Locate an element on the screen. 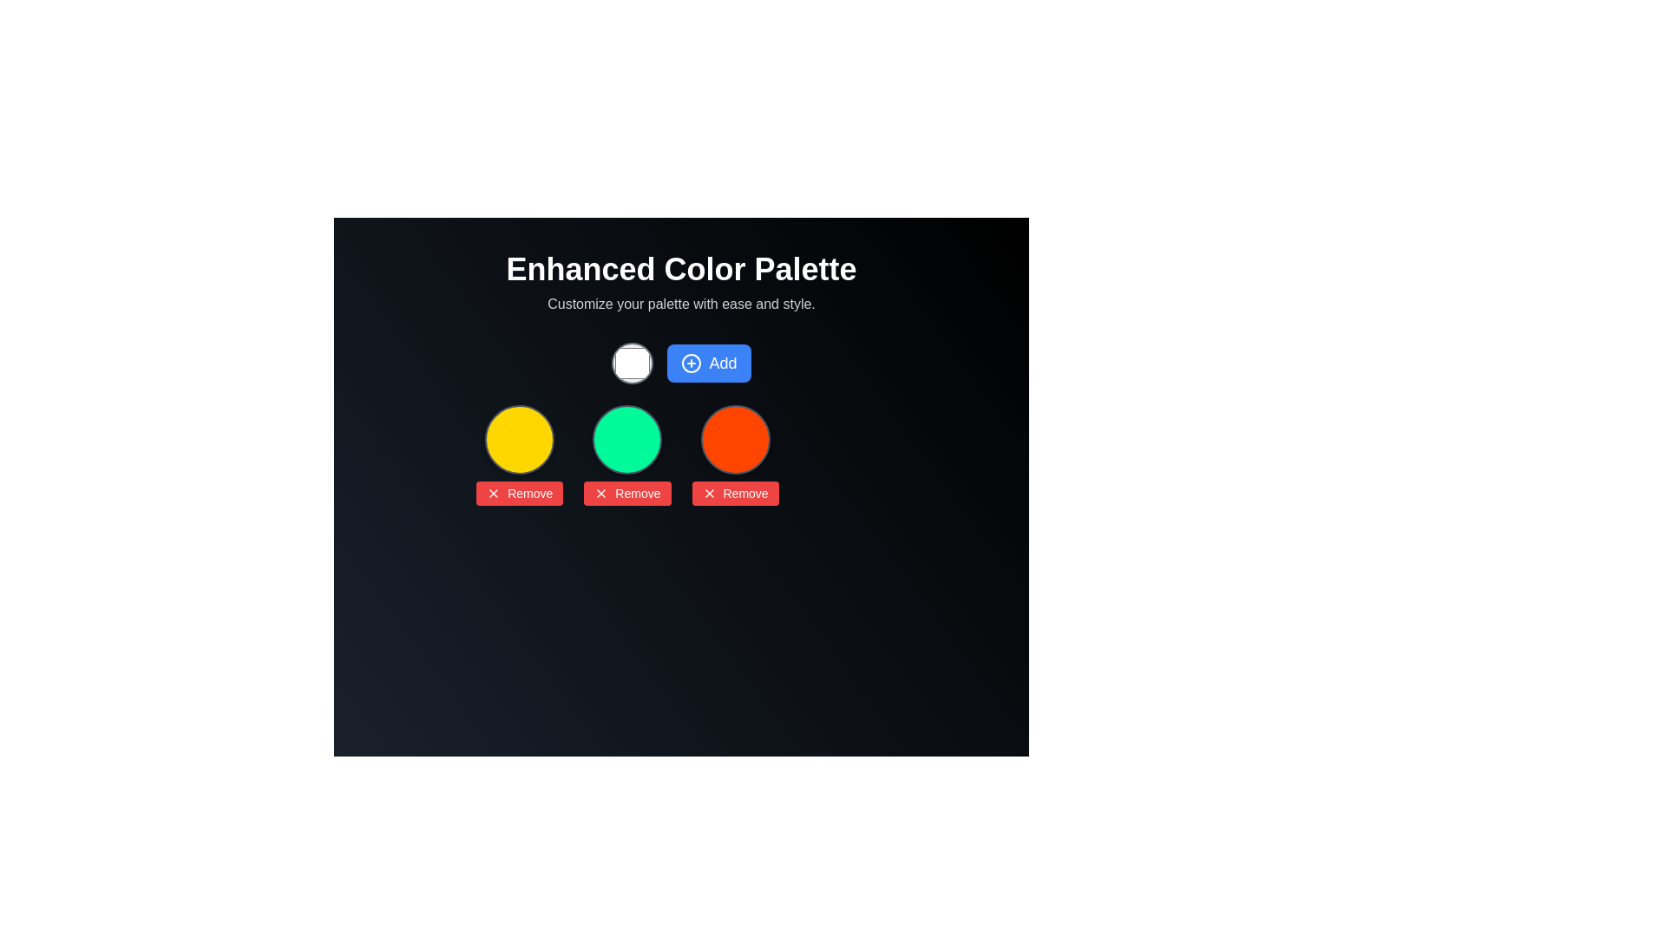  the circular shape that indicates the 'Add' button, located in the top row of the interface to the right of a white circular component is located at coordinates (691, 363).